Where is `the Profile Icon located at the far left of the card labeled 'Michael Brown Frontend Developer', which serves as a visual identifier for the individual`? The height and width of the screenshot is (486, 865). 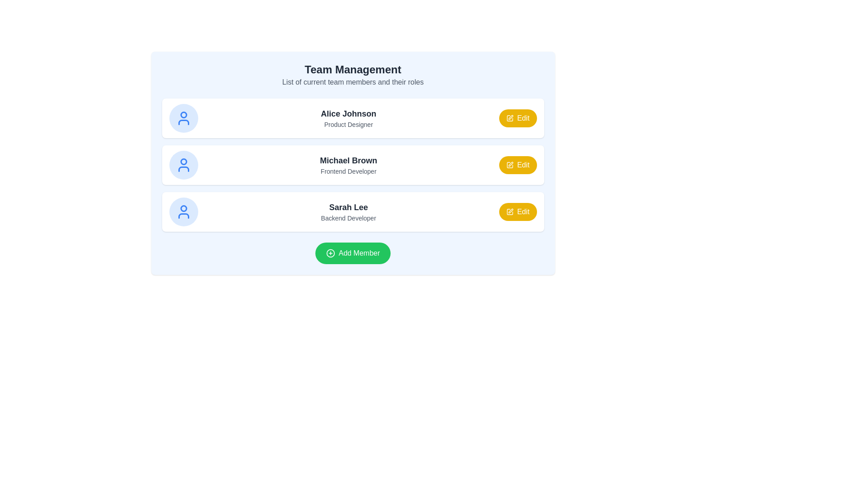
the Profile Icon located at the far left of the card labeled 'Michael Brown Frontend Developer', which serves as a visual identifier for the individual is located at coordinates (183, 165).